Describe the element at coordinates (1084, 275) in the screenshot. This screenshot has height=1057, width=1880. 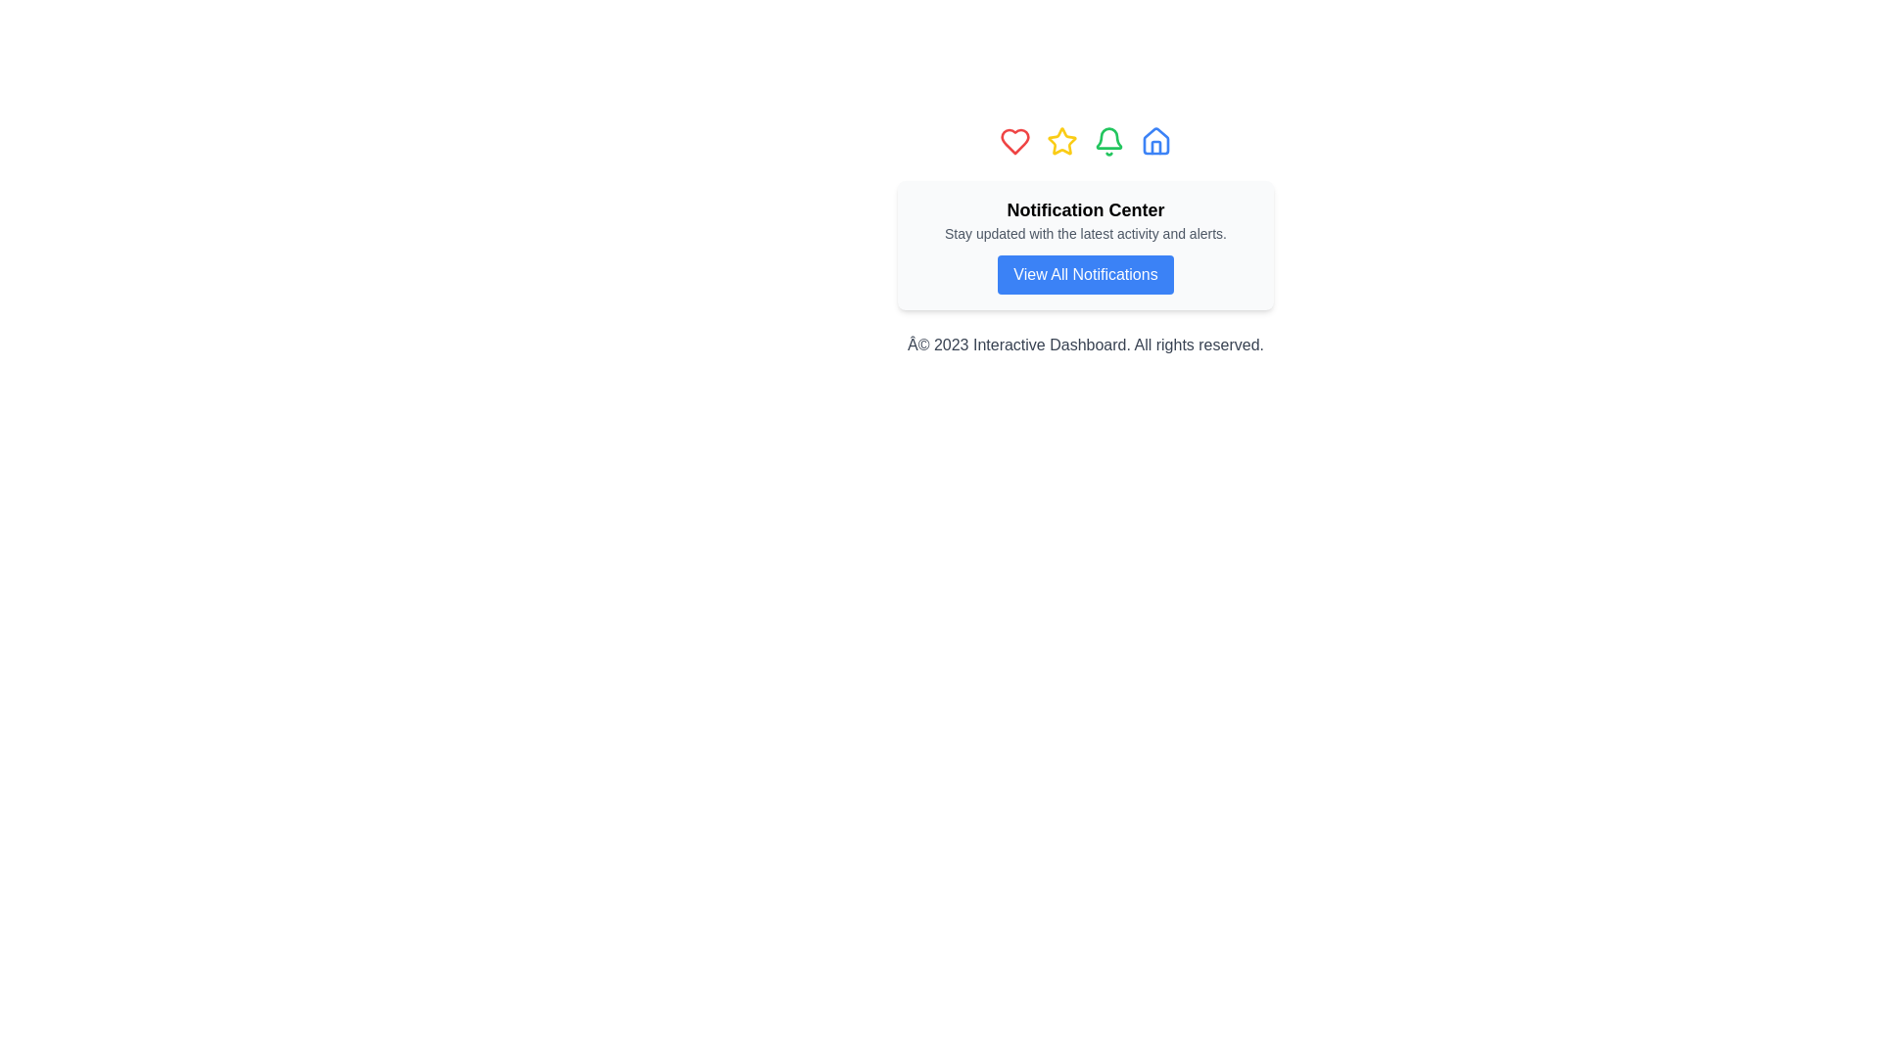
I see `the button located centrally within the 'Notification Center' card` at that location.